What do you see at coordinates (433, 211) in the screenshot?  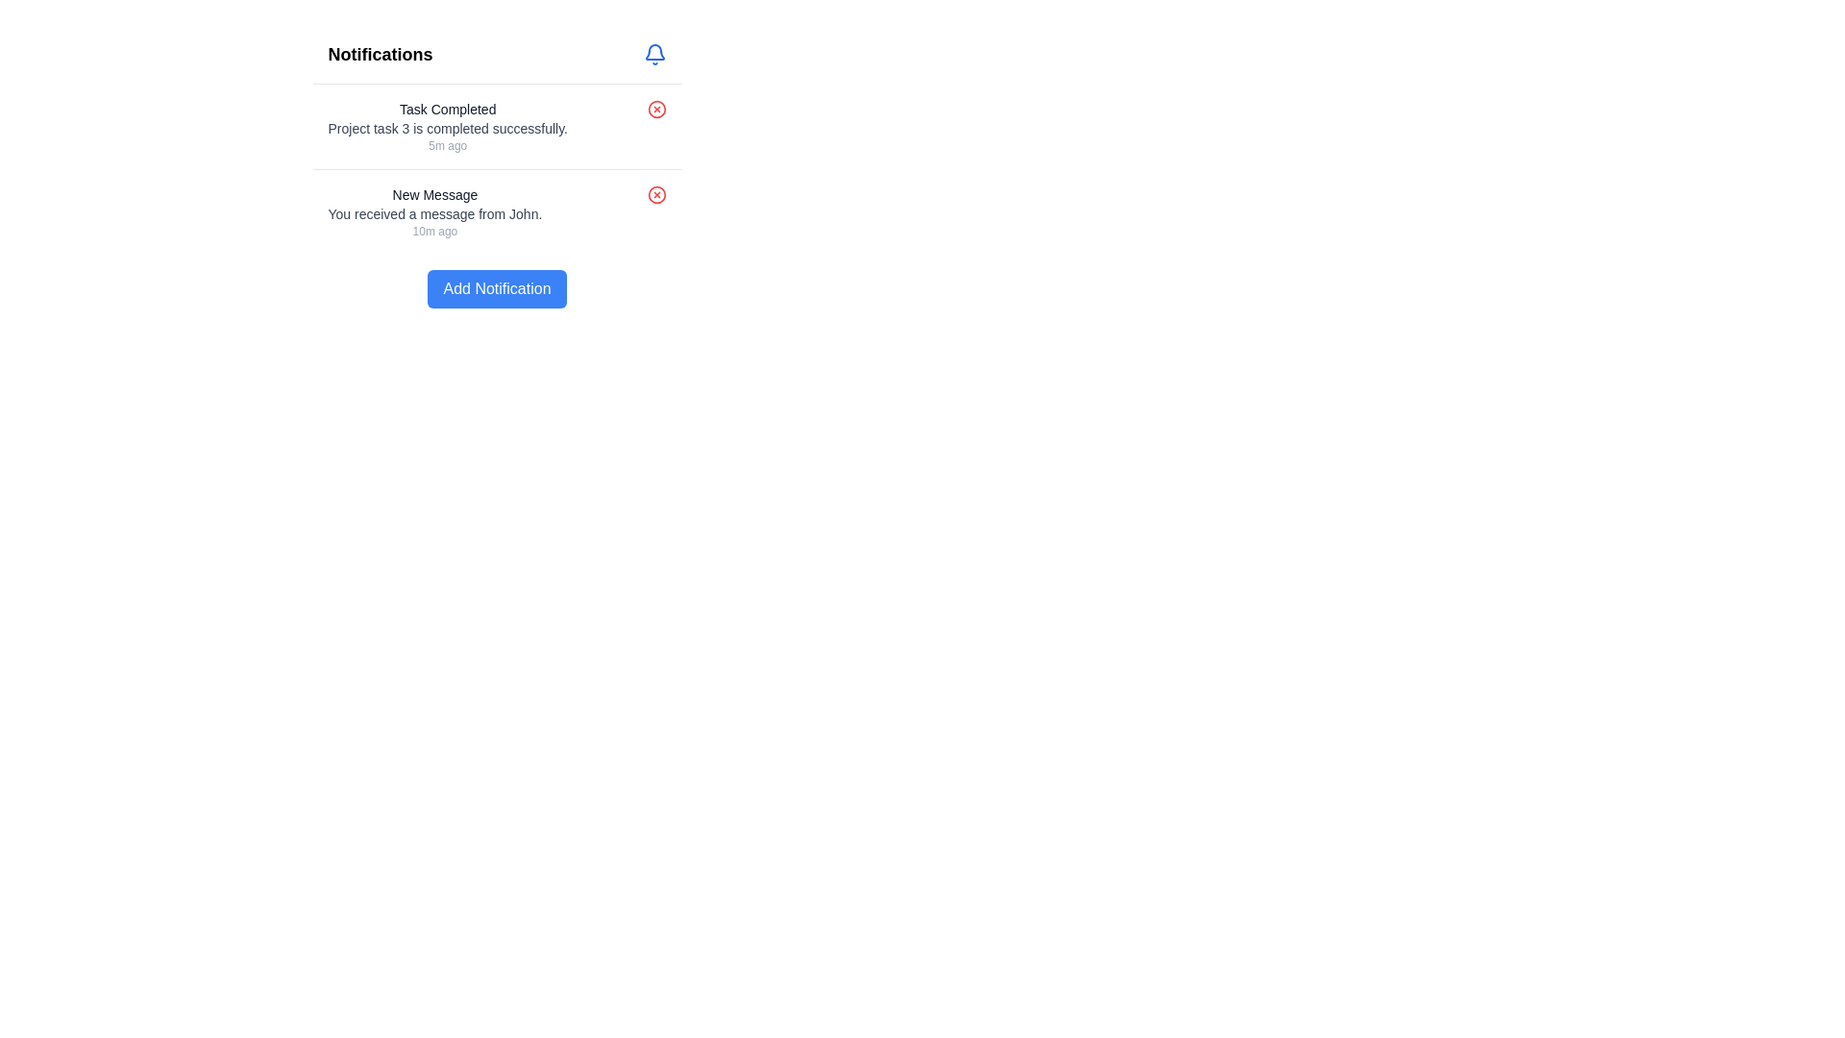 I see `the second notification in the notifications list indicating a new message from 'John'` at bounding box center [433, 211].